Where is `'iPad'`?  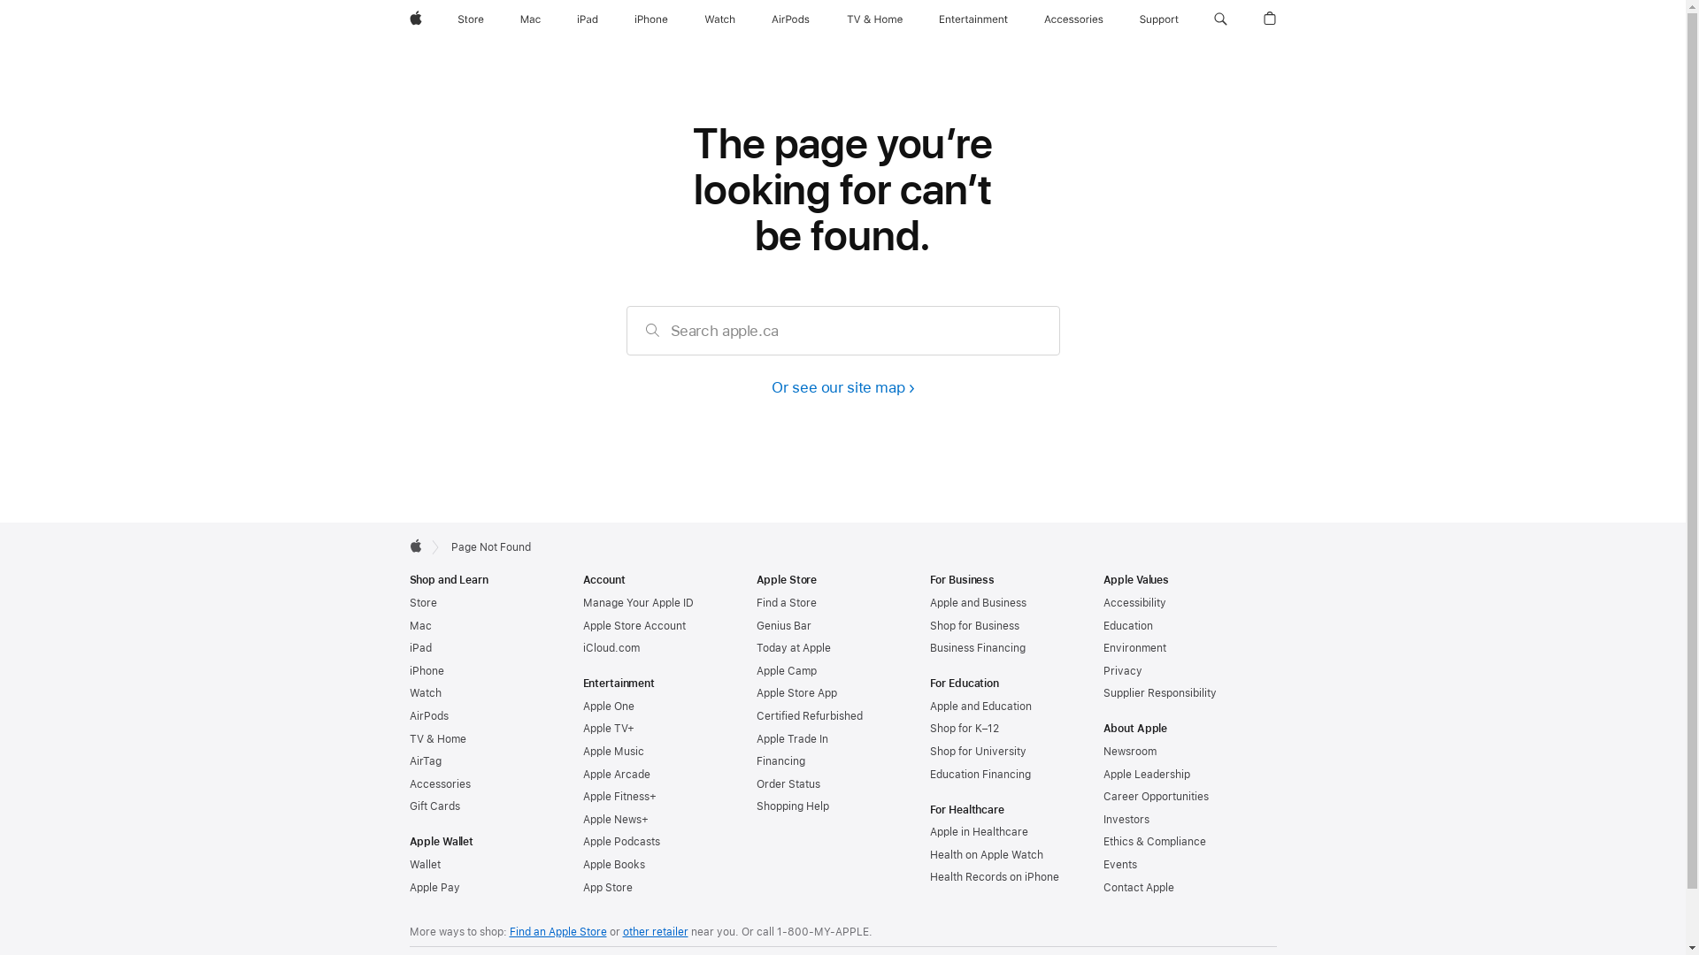
'iPad' is located at coordinates (587, 19).